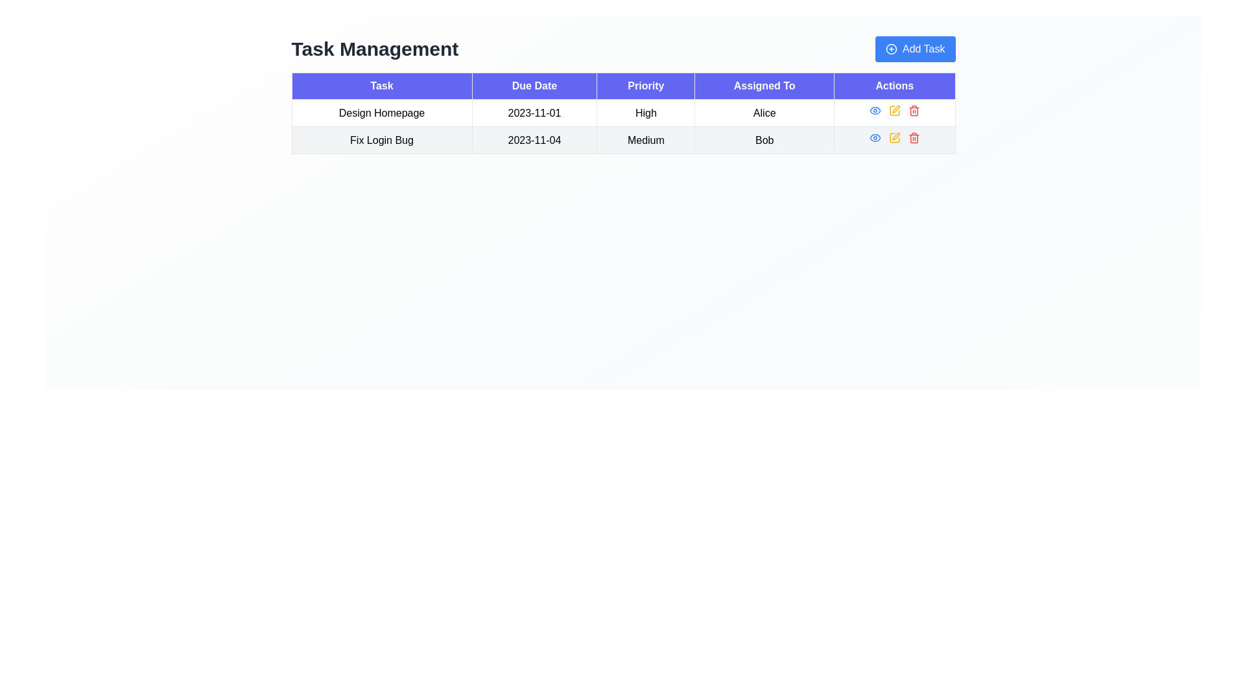  Describe the element at coordinates (623, 112) in the screenshot. I see `the first row in the task table, which includes details such as task name, due date, priority, assignee, and actions available` at that location.